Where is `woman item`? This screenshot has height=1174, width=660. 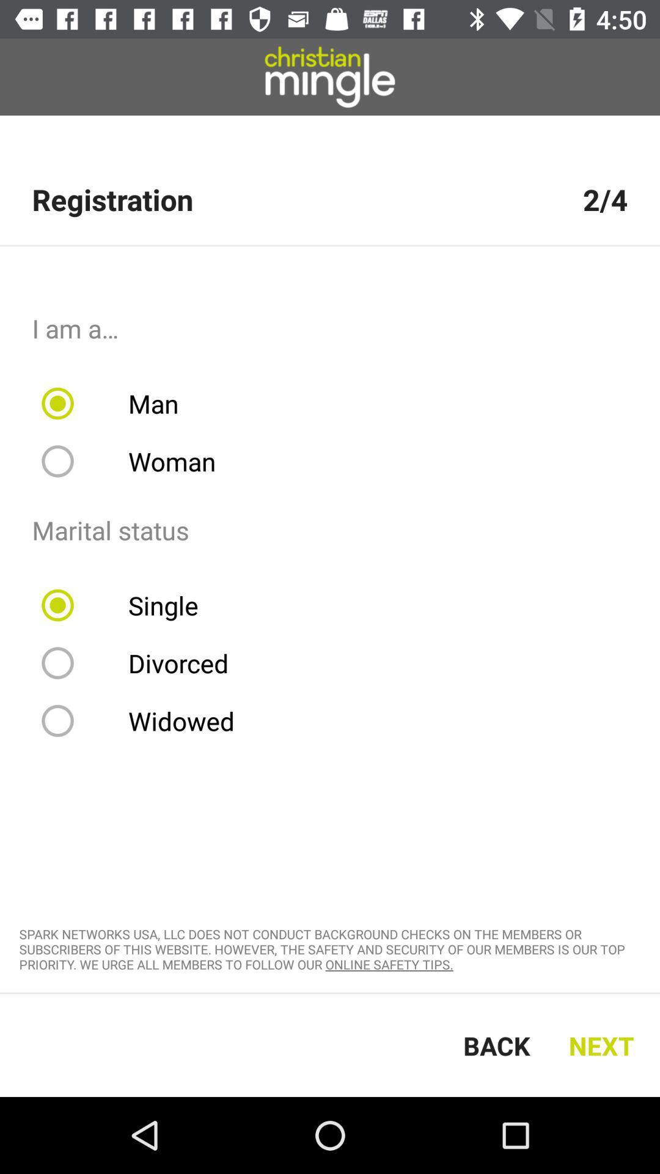 woman item is located at coordinates (136, 460).